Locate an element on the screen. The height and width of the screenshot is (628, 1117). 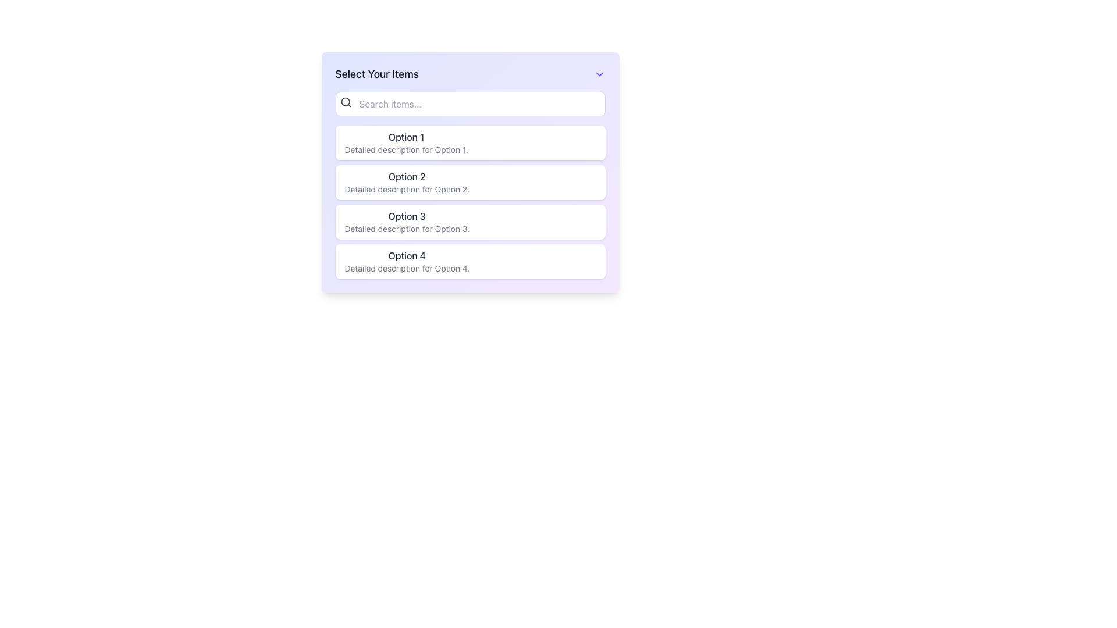
the downward-pointing chevron icon styled in blue, located next to the title text 'Select Your Items' is located at coordinates (599, 74).